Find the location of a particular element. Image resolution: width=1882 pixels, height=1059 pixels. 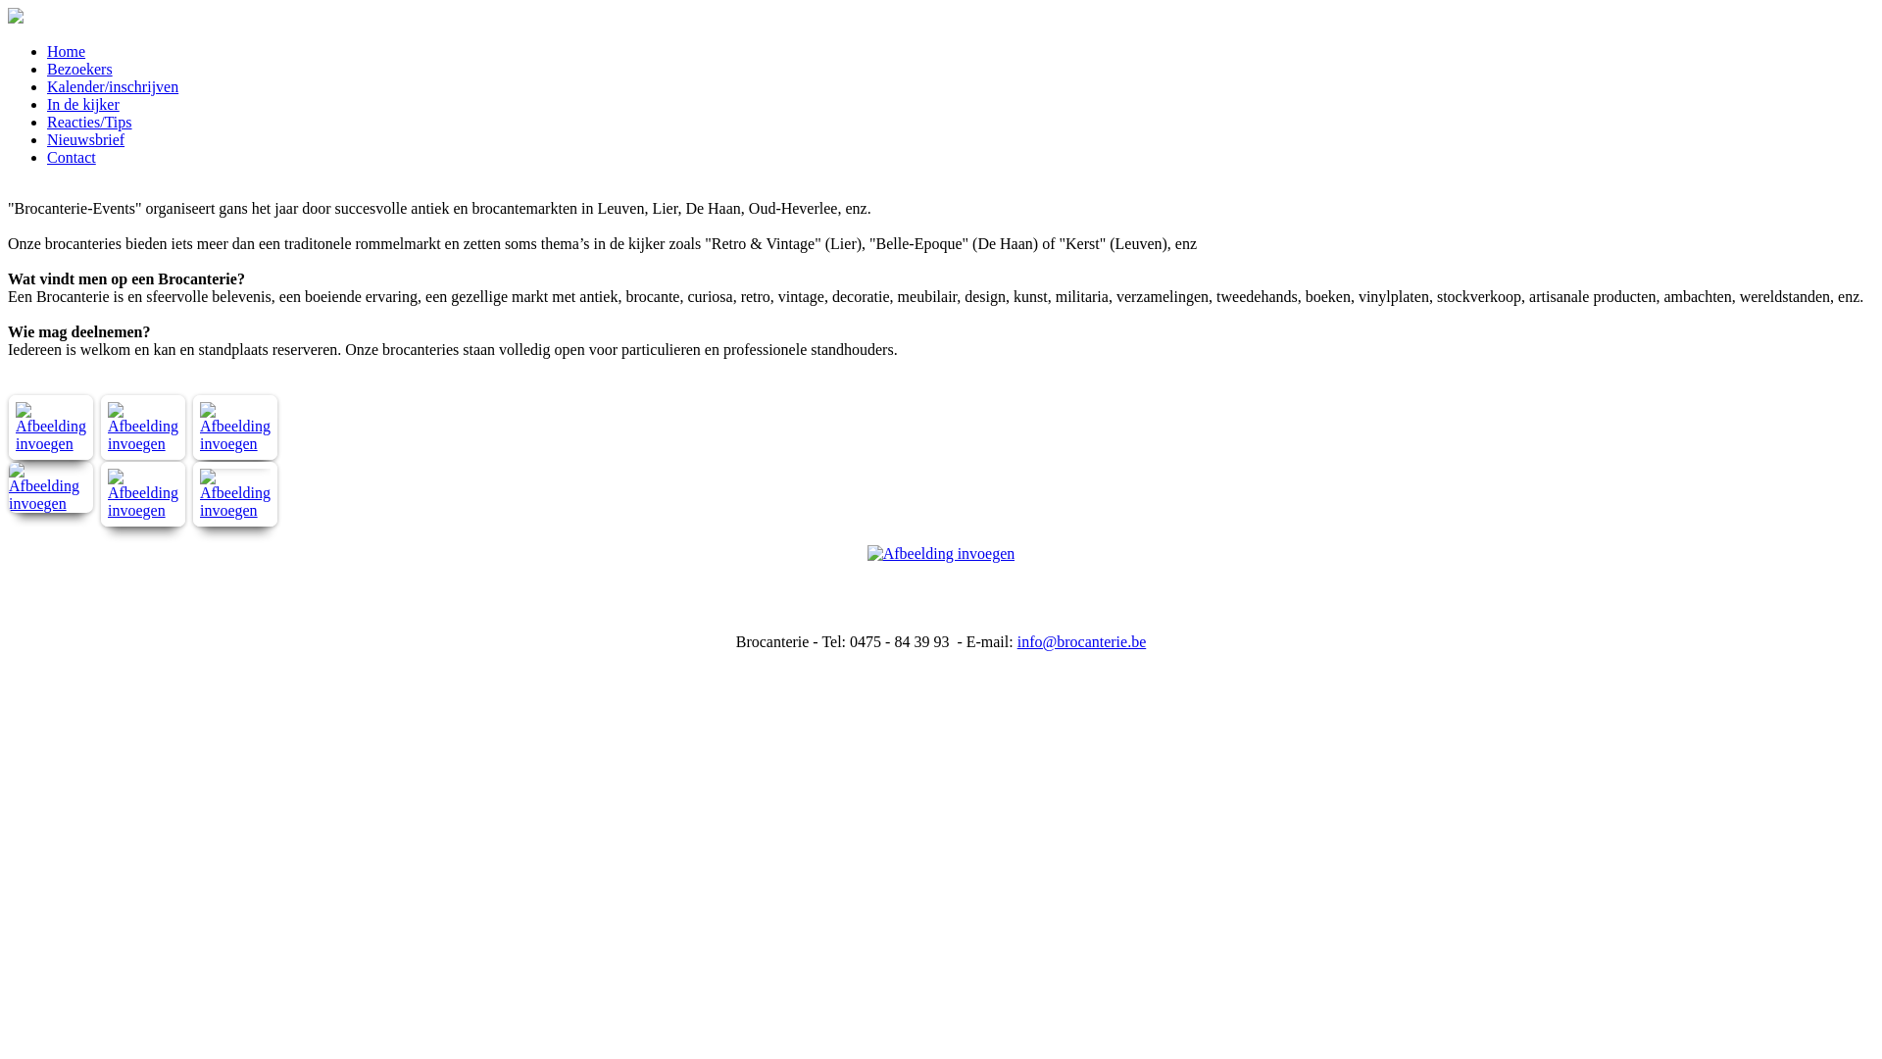

'Afbeelding invoegen' is located at coordinates (235, 443).